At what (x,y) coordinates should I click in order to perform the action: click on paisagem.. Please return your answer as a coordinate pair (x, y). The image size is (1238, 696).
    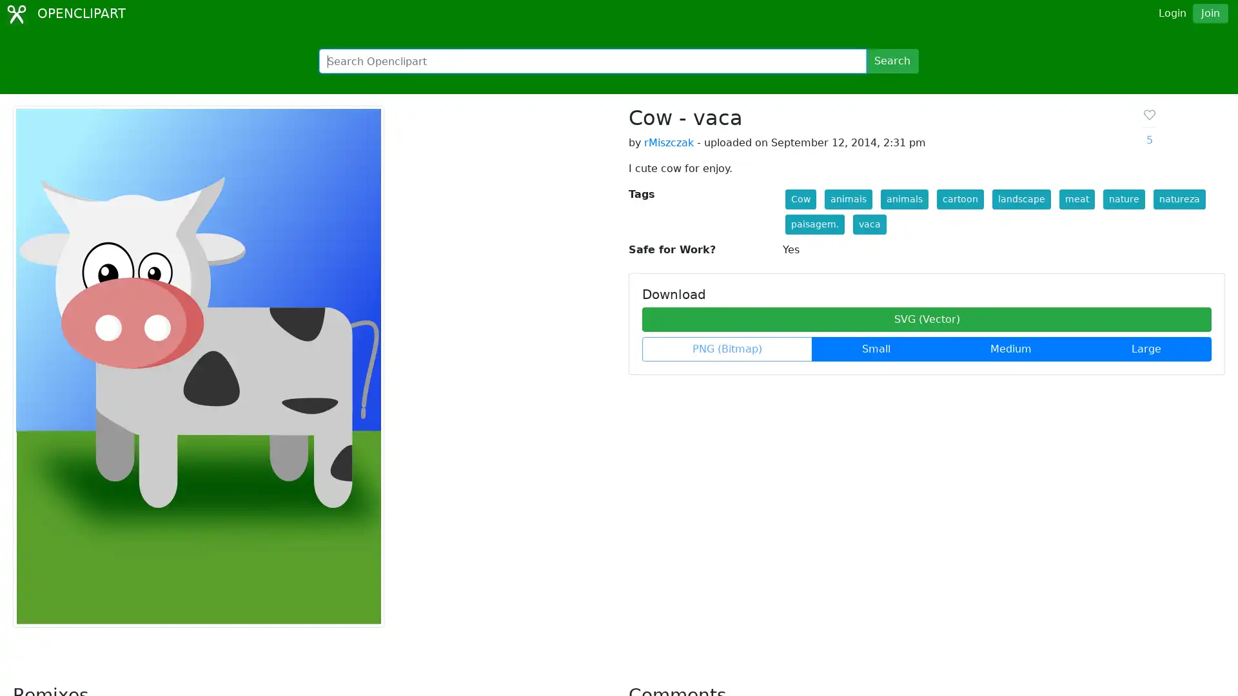
    Looking at the image, I should click on (813, 224).